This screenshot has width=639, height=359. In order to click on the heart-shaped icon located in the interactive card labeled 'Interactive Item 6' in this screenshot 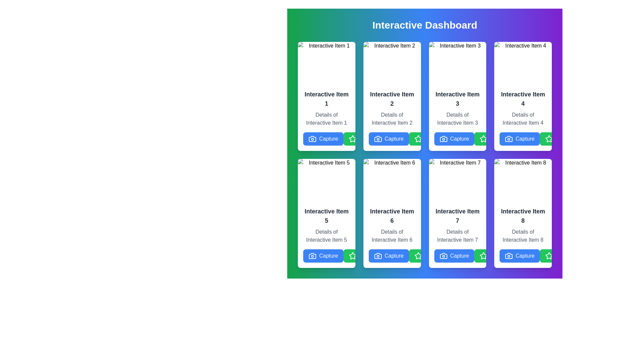, I will do `click(393, 256)`.